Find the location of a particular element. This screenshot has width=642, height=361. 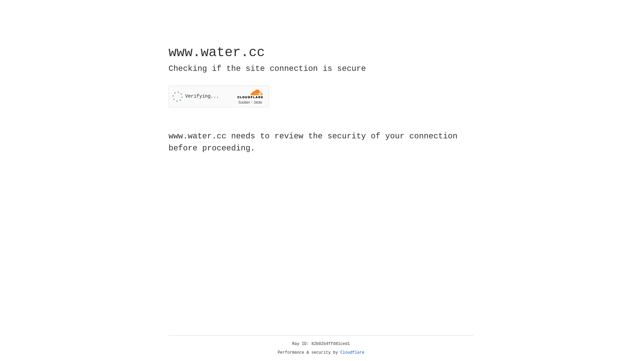

'Widget containing a Cloudflare security challenge' is located at coordinates (218, 96).